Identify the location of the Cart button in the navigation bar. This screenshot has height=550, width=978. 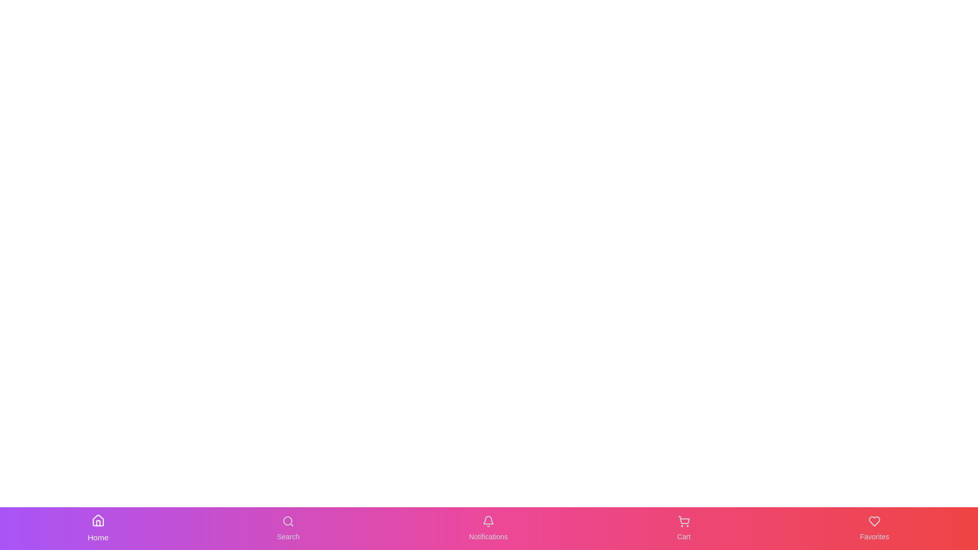
(684, 528).